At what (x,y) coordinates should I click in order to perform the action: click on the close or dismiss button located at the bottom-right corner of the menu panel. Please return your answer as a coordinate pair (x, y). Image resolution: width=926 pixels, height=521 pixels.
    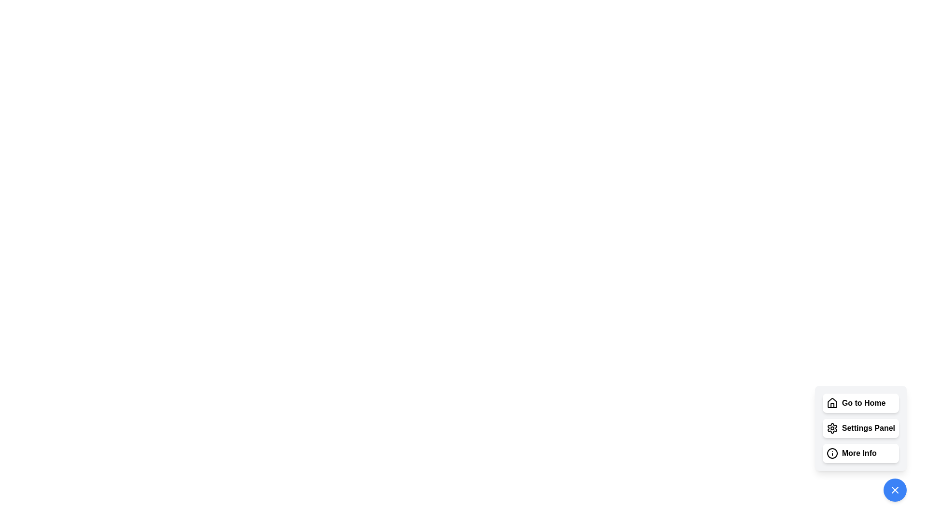
    Looking at the image, I should click on (895, 490).